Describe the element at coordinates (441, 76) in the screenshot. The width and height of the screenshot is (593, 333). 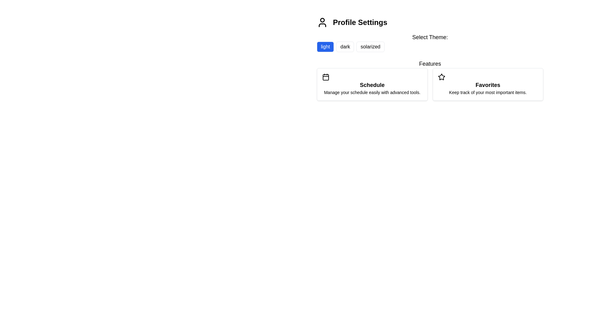
I see `the star icon representing the Favorites section, located at the center-top position of the card under the 'Features' section` at that location.